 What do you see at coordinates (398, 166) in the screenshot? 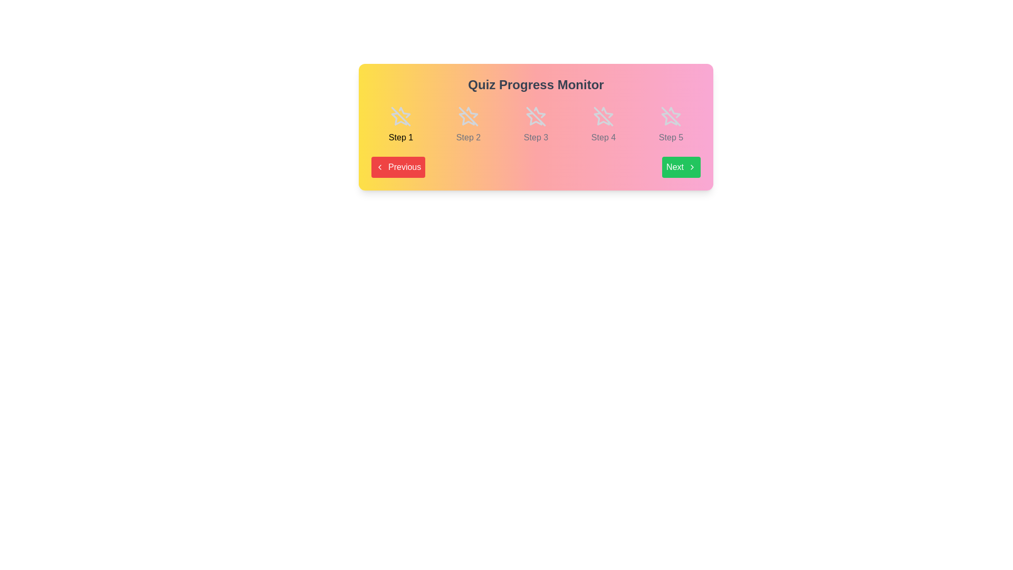
I see `the red 'Previous' button with white text and a left-facing chevron icon` at bounding box center [398, 166].